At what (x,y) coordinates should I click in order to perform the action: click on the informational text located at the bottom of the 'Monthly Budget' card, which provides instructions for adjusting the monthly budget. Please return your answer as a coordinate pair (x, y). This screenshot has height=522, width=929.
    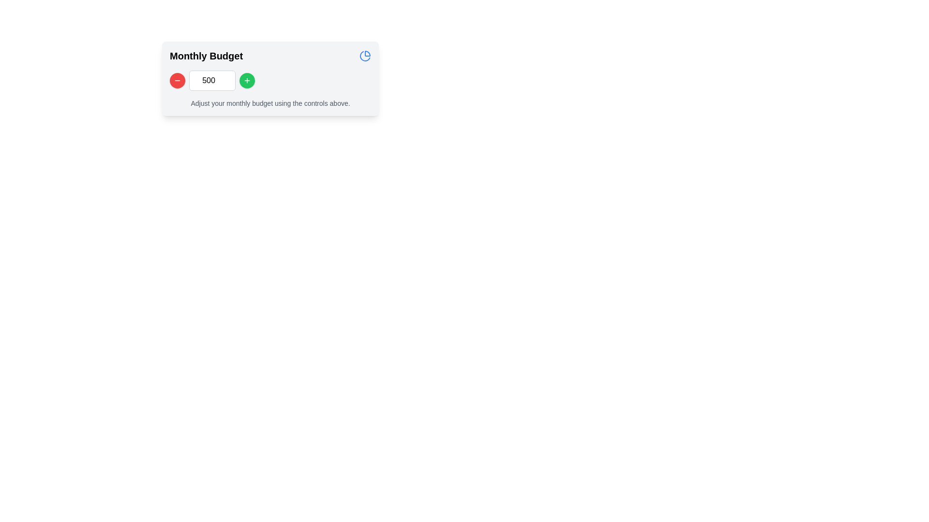
    Looking at the image, I should click on (270, 103).